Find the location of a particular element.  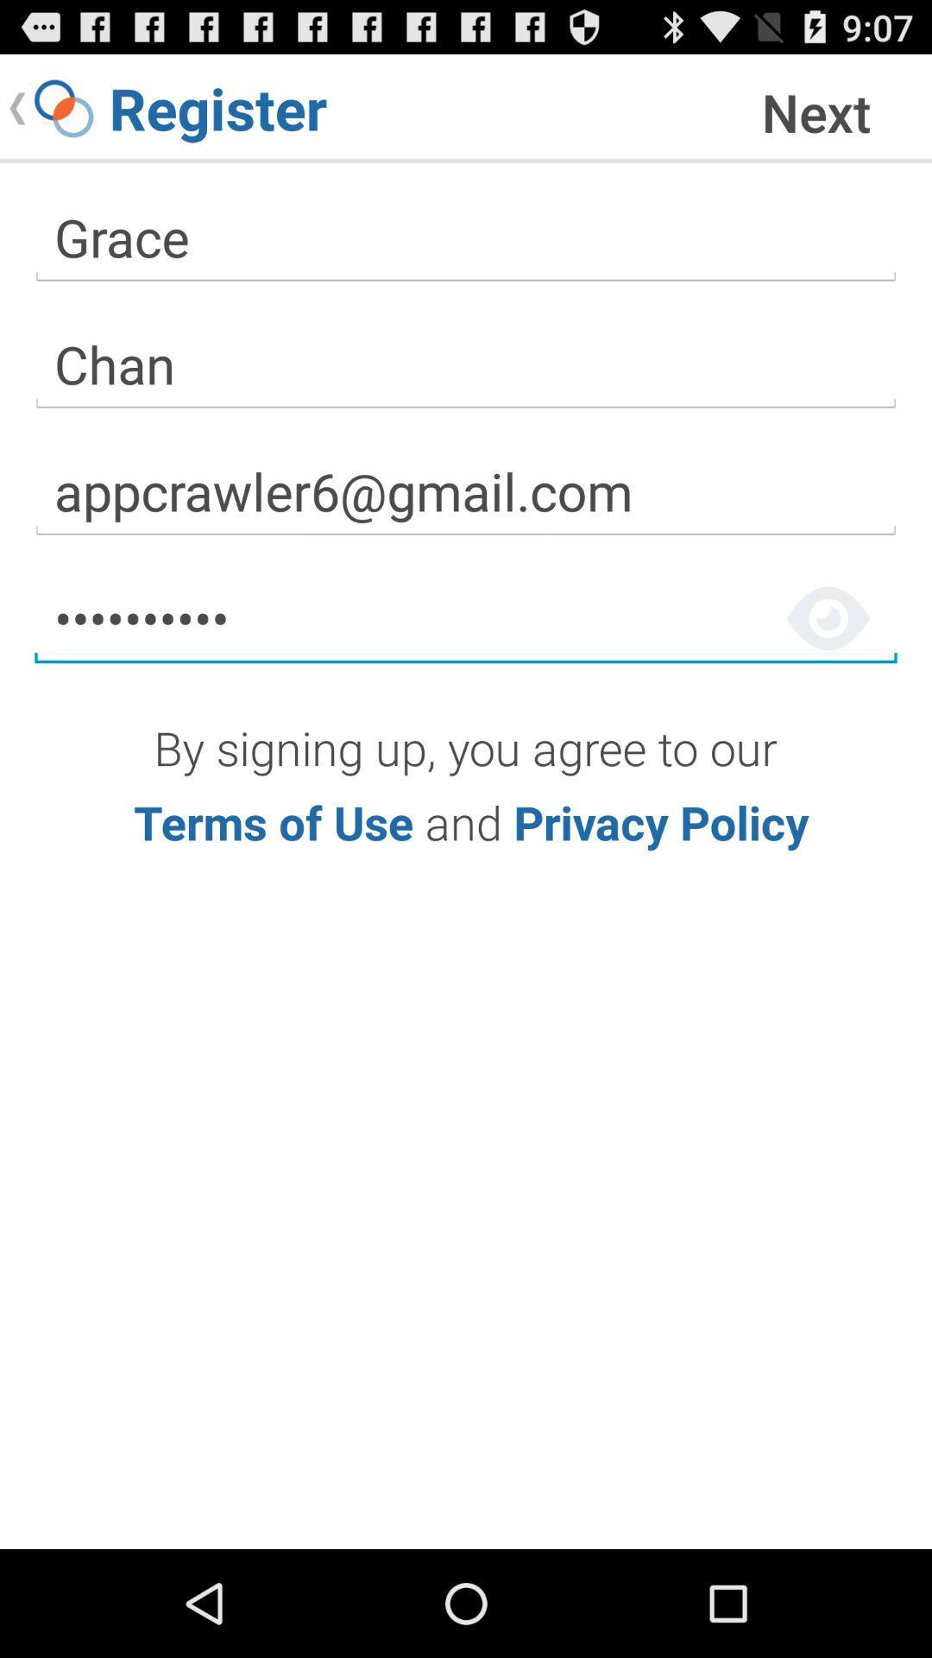

terms of use link is located at coordinates (272, 821).